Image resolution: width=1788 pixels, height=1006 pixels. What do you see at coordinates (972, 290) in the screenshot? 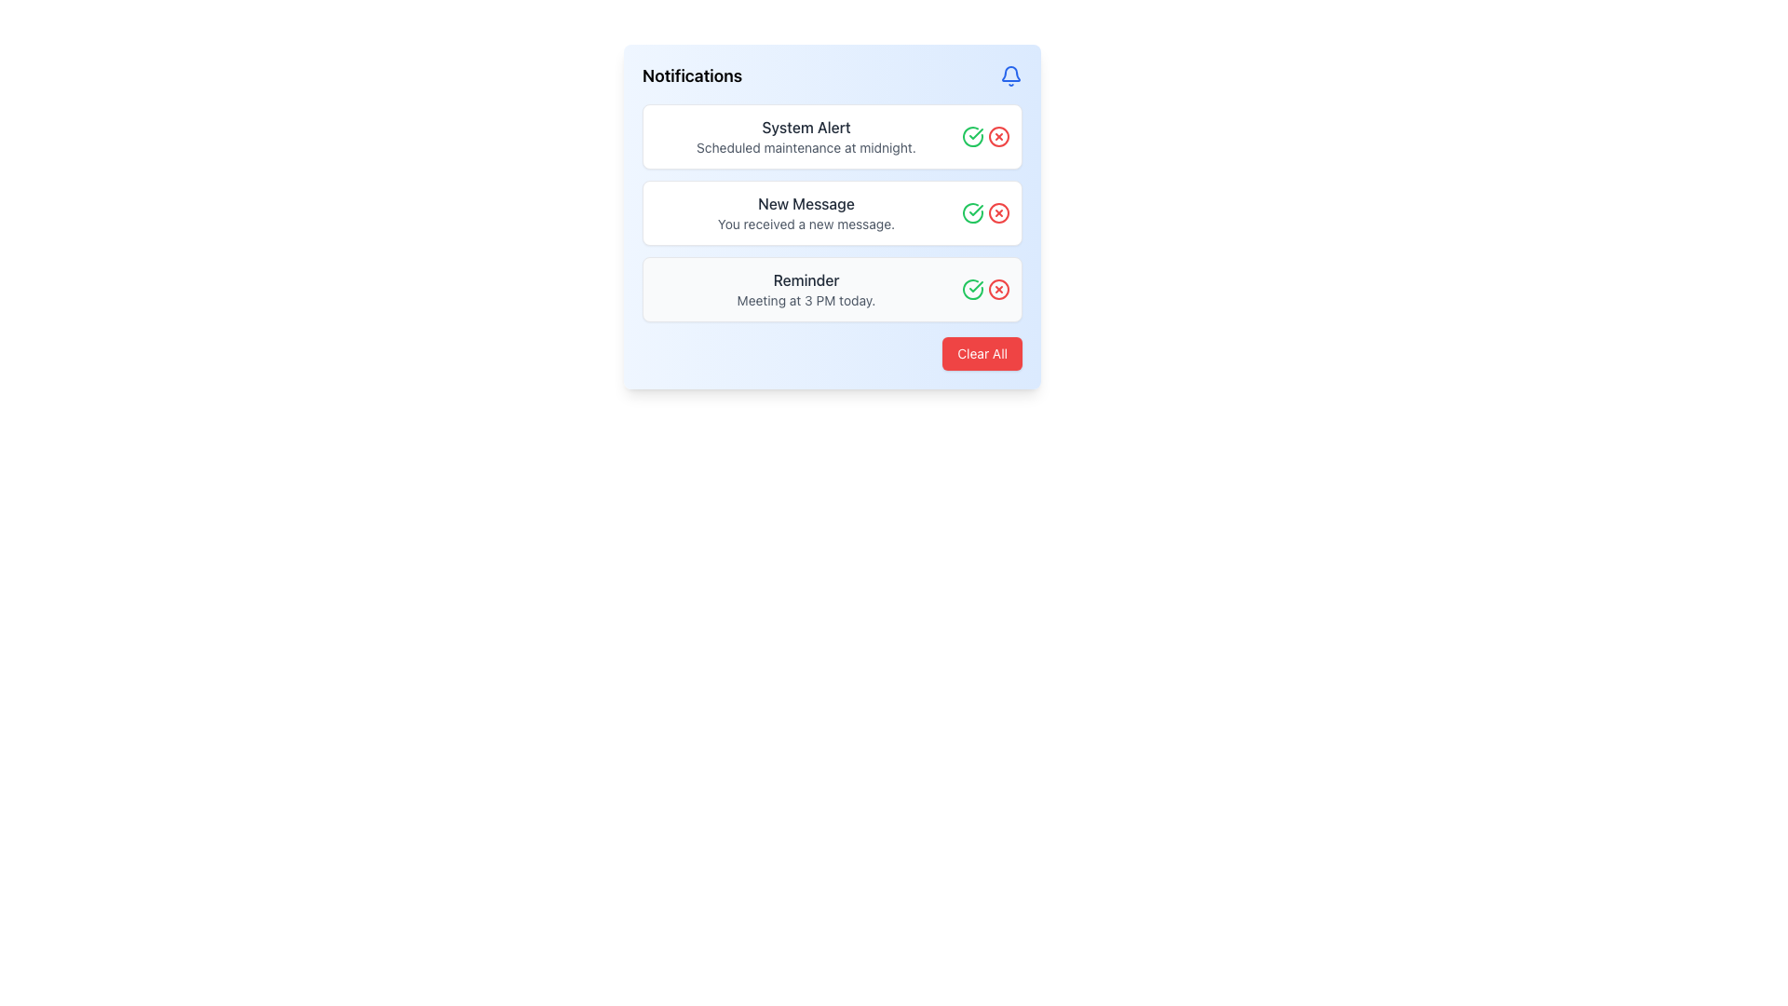
I see `the green checkmark icon in the 'Reminder' notification block` at bounding box center [972, 290].